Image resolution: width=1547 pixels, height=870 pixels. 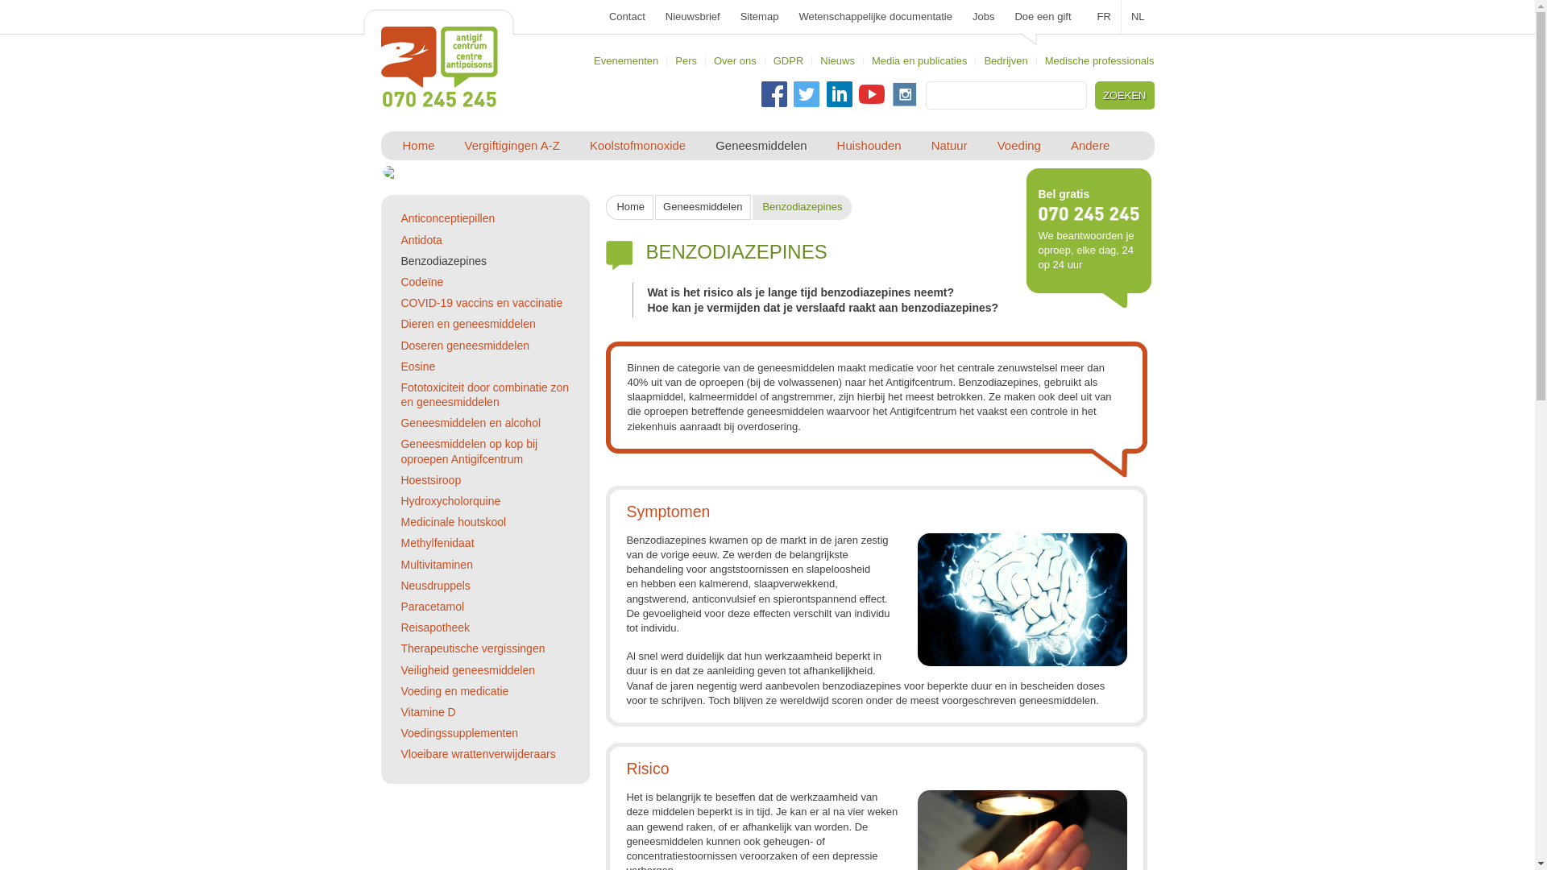 I want to click on 'Neusdruppels', so click(x=434, y=585).